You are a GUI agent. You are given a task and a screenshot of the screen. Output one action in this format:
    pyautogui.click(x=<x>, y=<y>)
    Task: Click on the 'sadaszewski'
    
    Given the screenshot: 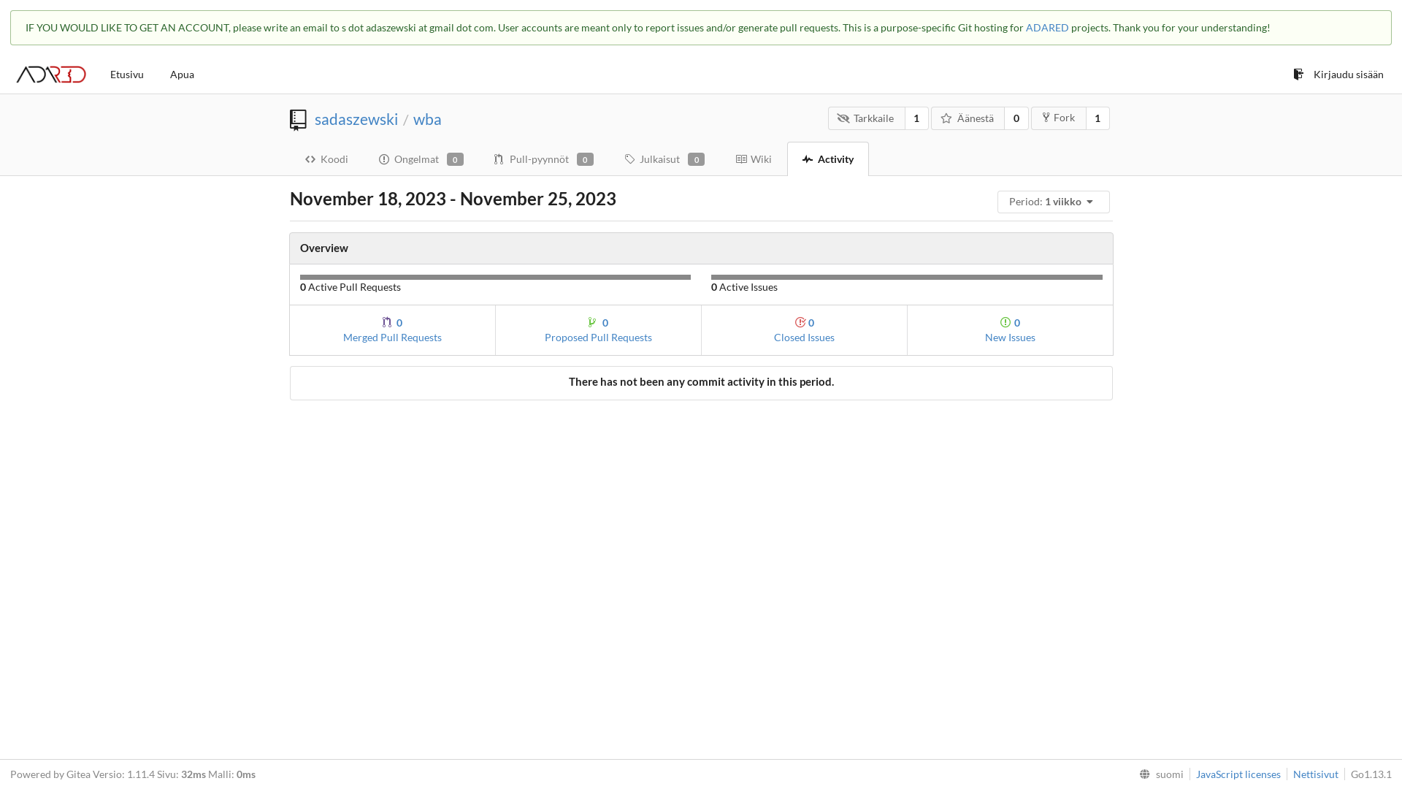 What is the action you would take?
    pyautogui.click(x=355, y=118)
    